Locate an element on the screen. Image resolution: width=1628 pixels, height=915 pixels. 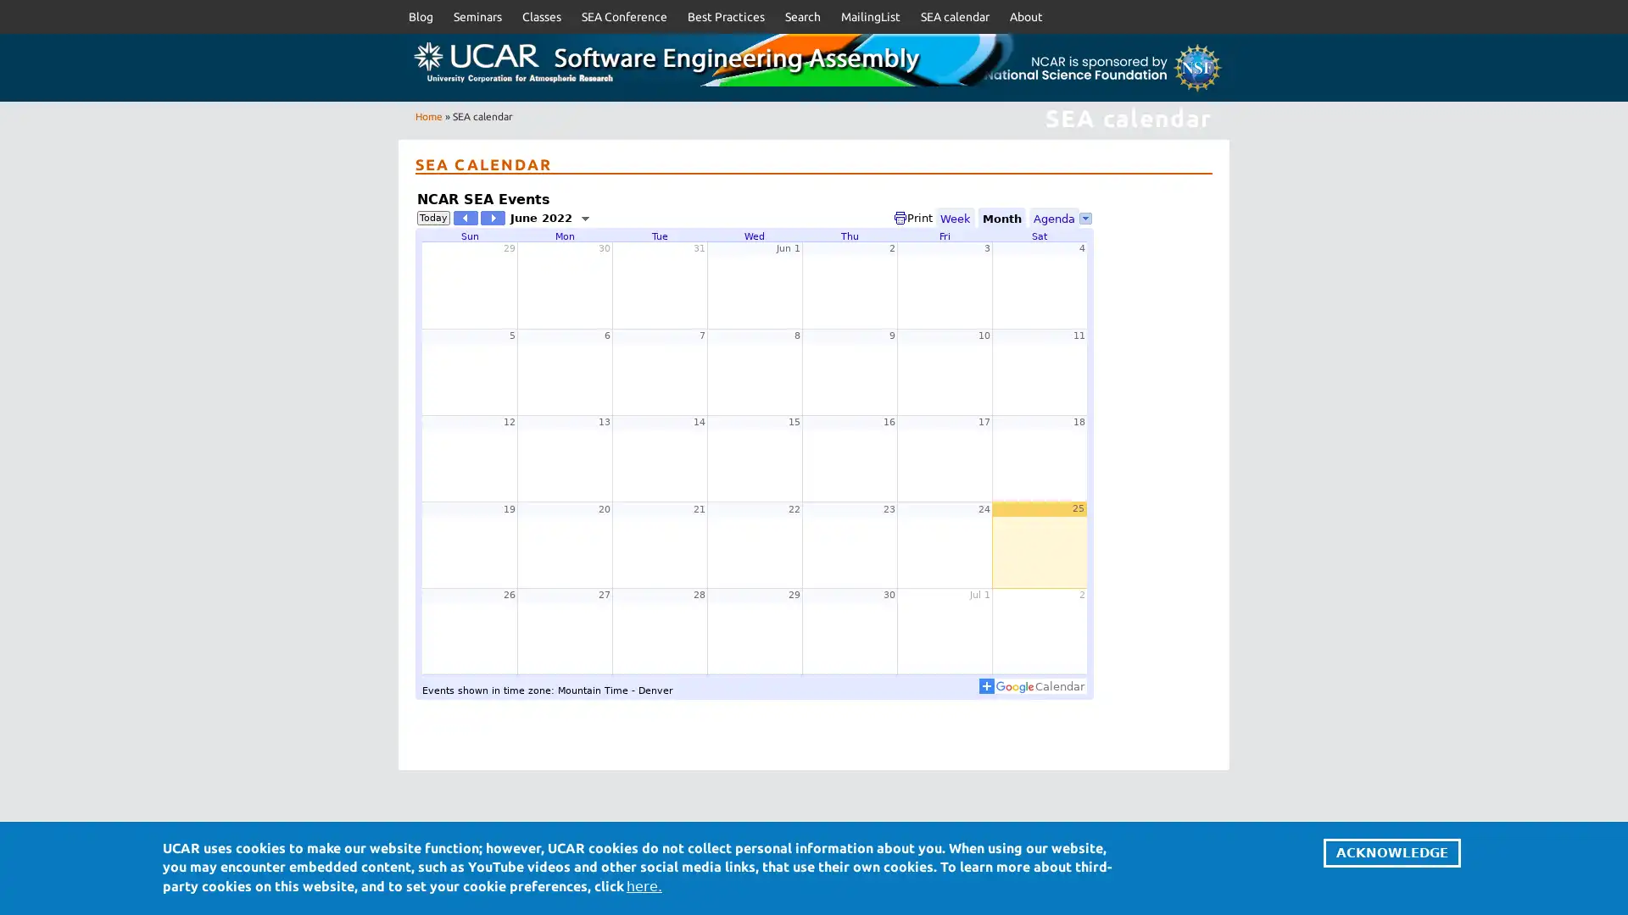
ACKNOWLEDGE is located at coordinates (1391, 852).